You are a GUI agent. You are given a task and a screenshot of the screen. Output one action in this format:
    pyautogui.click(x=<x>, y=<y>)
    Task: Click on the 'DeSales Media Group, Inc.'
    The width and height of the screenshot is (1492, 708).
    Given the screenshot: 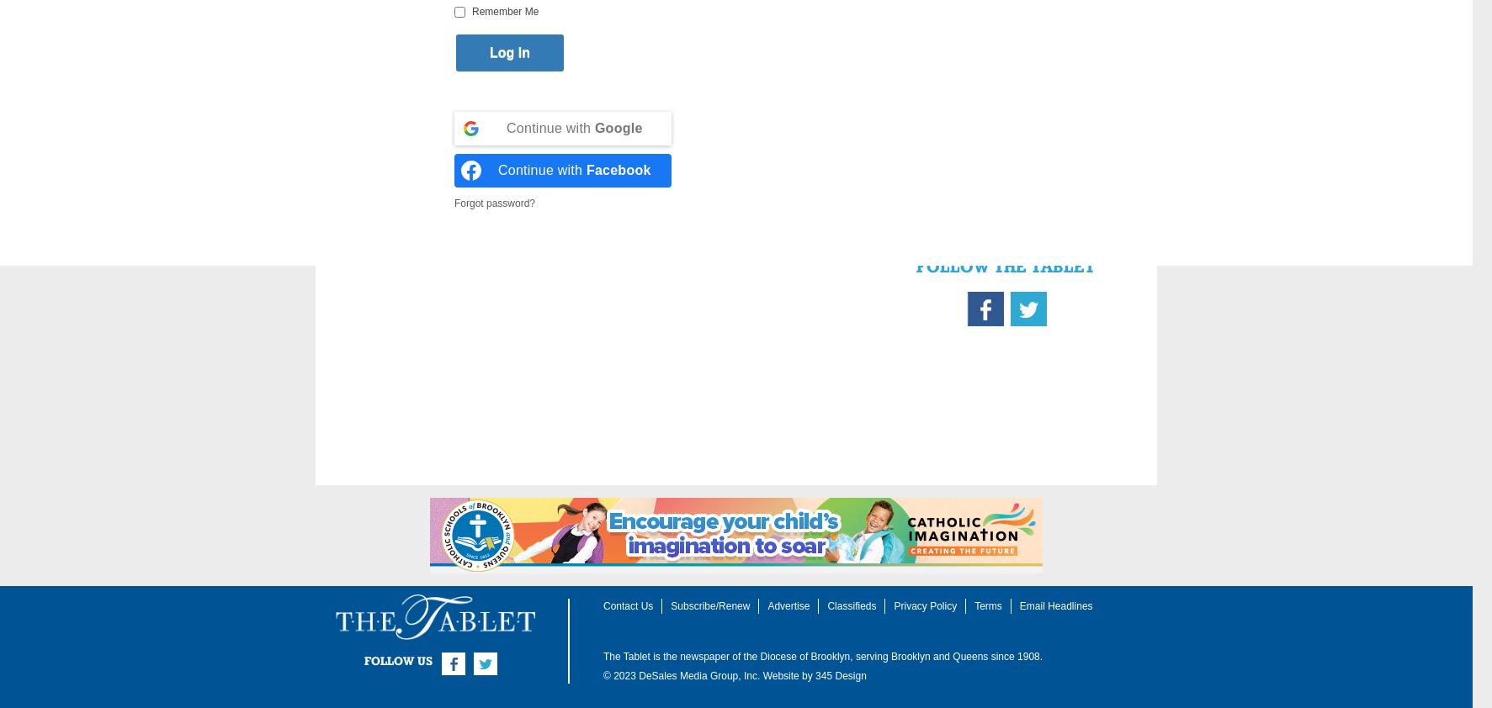 What is the action you would take?
    pyautogui.click(x=698, y=676)
    